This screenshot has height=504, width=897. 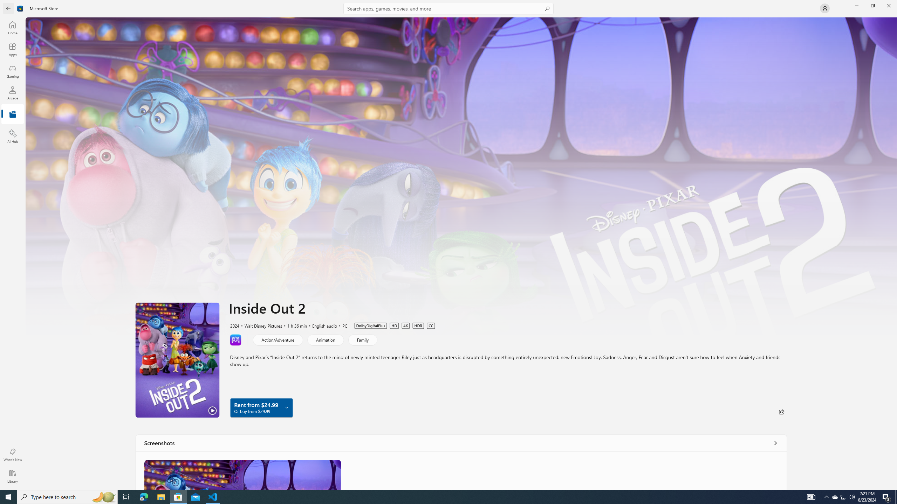 What do you see at coordinates (294, 325) in the screenshot?
I see `'1 h 36 min'` at bounding box center [294, 325].